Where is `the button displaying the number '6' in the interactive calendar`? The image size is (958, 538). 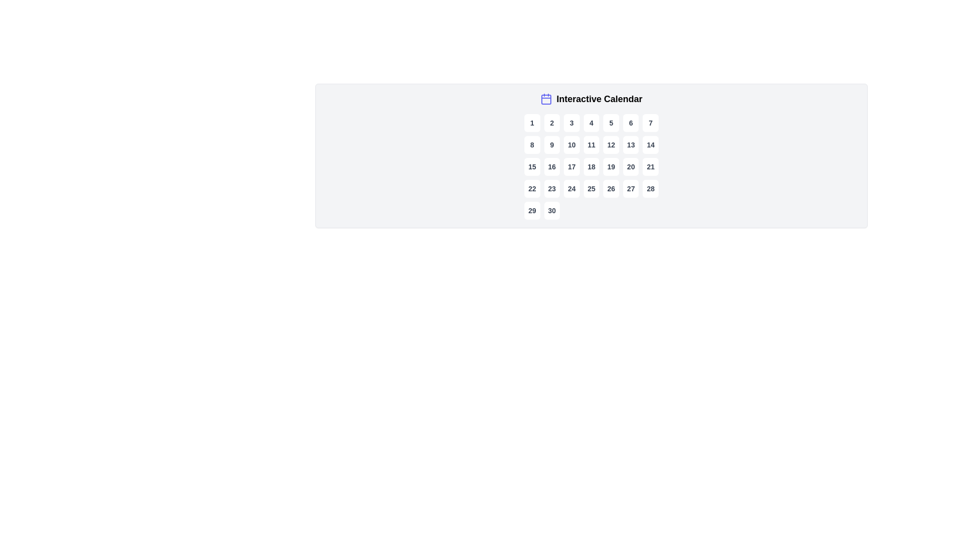 the button displaying the number '6' in the interactive calendar is located at coordinates (630, 122).